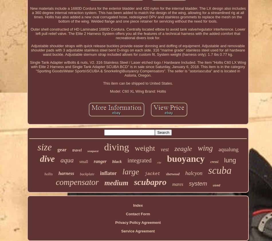 The height and width of the screenshot is (241, 272). What do you see at coordinates (116, 147) in the screenshot?
I see `'diving'` at bounding box center [116, 147].